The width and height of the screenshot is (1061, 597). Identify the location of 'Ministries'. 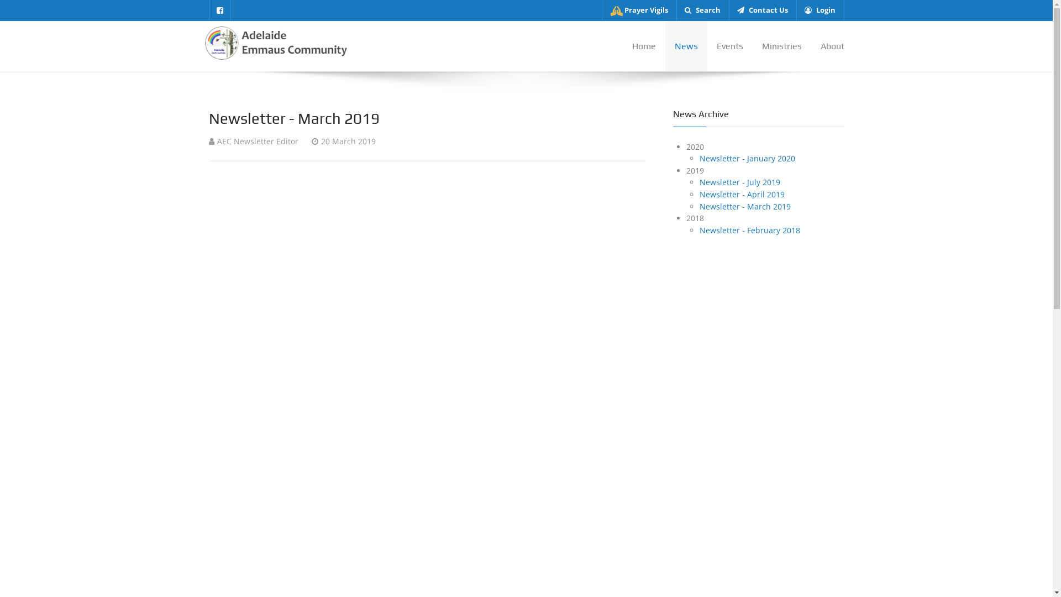
(781, 45).